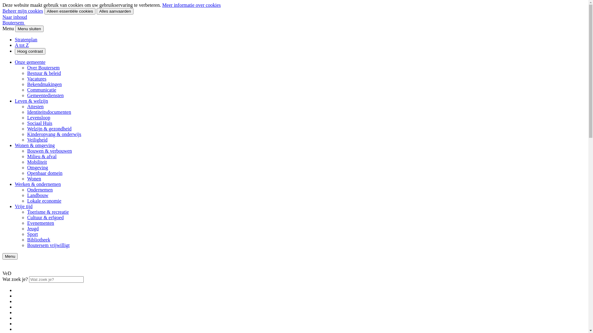 The width and height of the screenshot is (593, 333). What do you see at coordinates (34, 145) in the screenshot?
I see `'Wonen & omgeving'` at bounding box center [34, 145].